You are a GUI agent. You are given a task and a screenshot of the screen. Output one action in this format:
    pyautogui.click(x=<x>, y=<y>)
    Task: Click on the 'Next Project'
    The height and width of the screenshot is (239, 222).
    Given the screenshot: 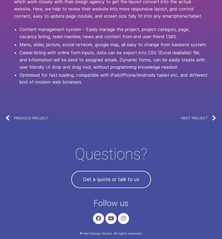 What is the action you would take?
    pyautogui.click(x=194, y=118)
    